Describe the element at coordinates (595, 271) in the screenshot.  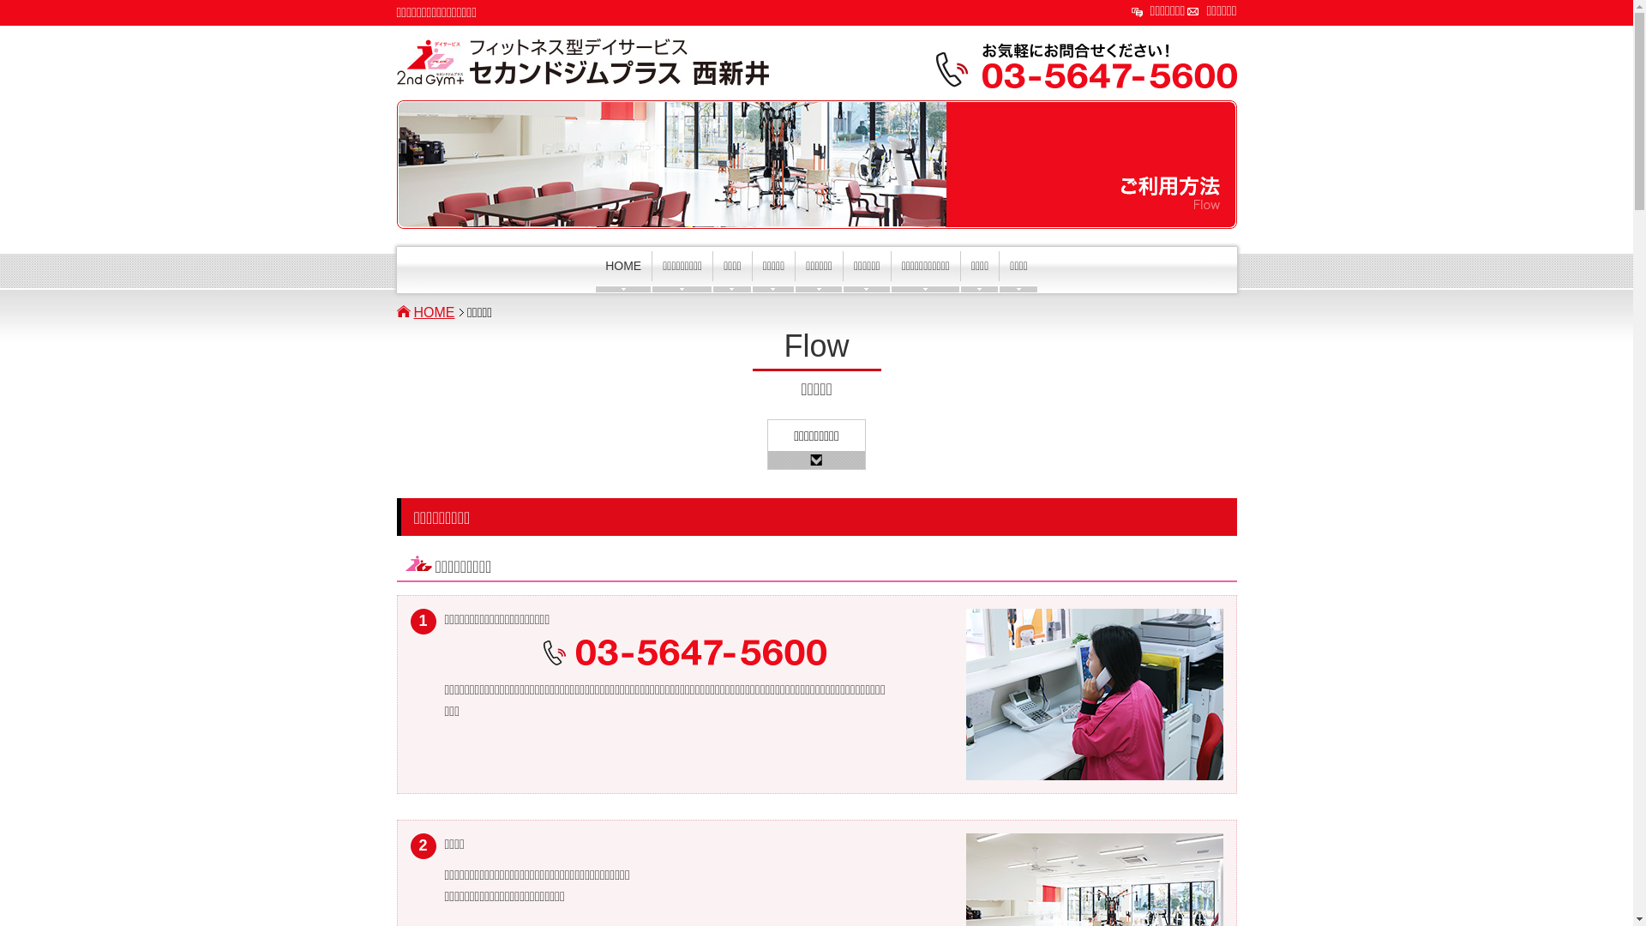
I see `'HOME'` at that location.